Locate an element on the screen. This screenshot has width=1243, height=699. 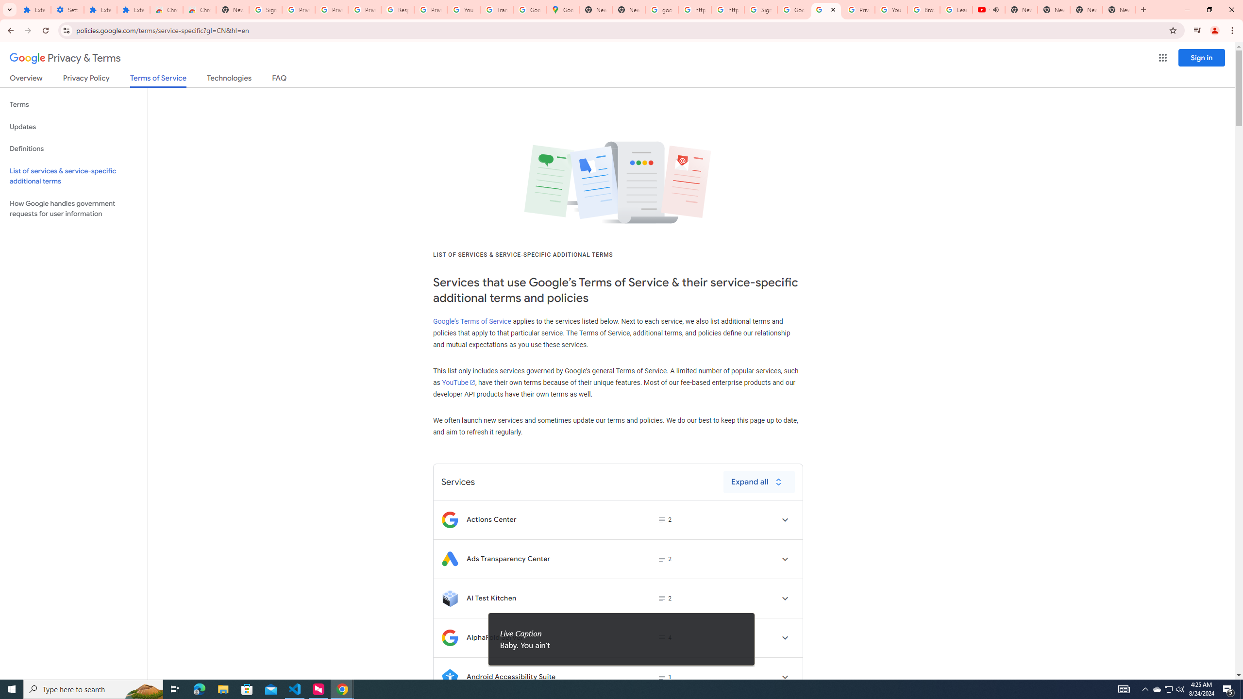
'Logo for Actions Center' is located at coordinates (449, 519).